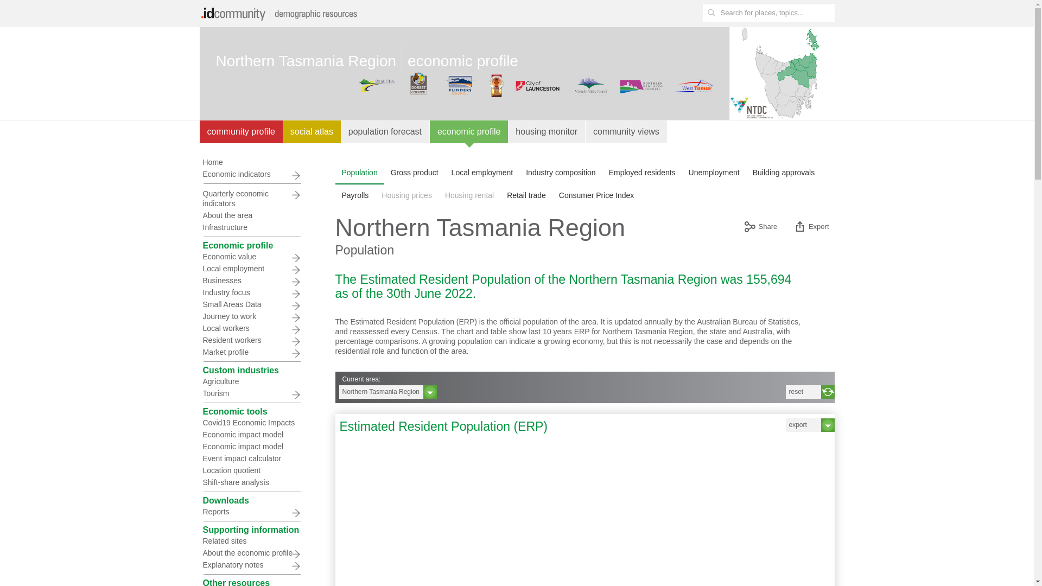 The image size is (1042, 586). What do you see at coordinates (250, 393) in the screenshot?
I see `'Tourism` at bounding box center [250, 393].